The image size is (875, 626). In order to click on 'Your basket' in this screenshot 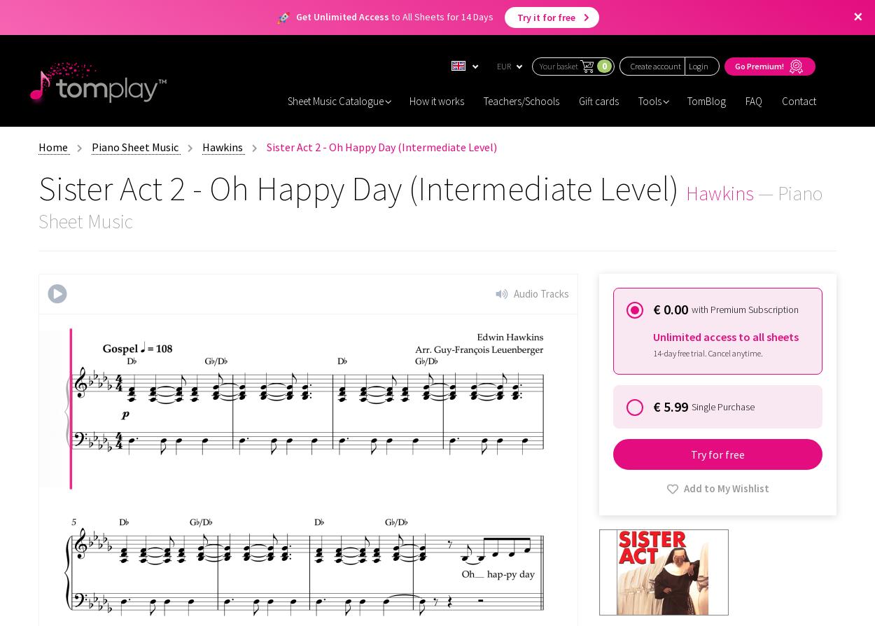, I will do `click(559, 65)`.